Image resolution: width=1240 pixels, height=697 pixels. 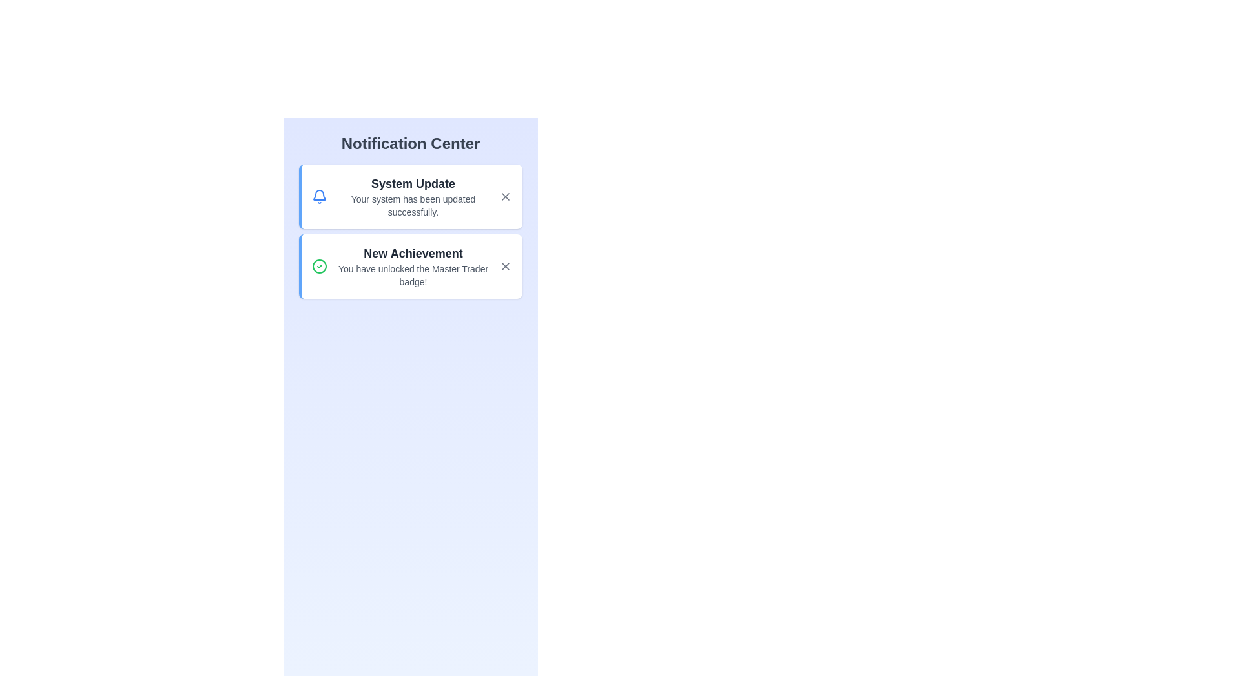 I want to click on the close button located in the top-right corner of the 'System Update' notification to dismiss it, so click(x=504, y=196).